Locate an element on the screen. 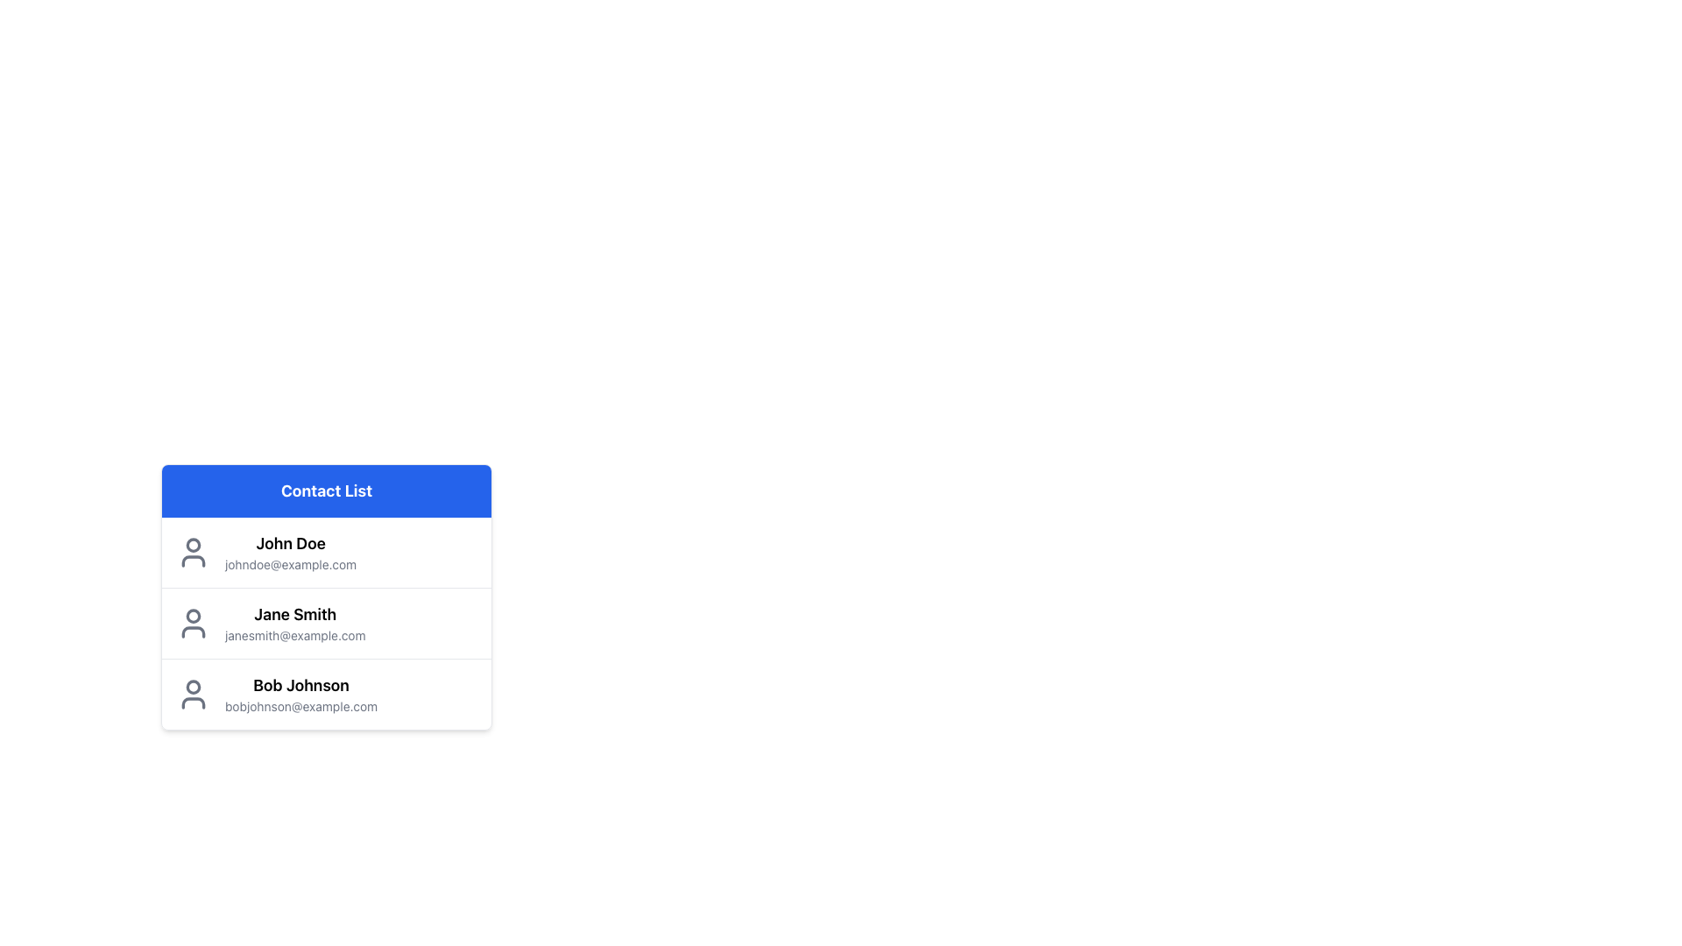  the second contact detail list item, which includes a profile icon and the name 'Jane Smith' is located at coordinates (327, 645).